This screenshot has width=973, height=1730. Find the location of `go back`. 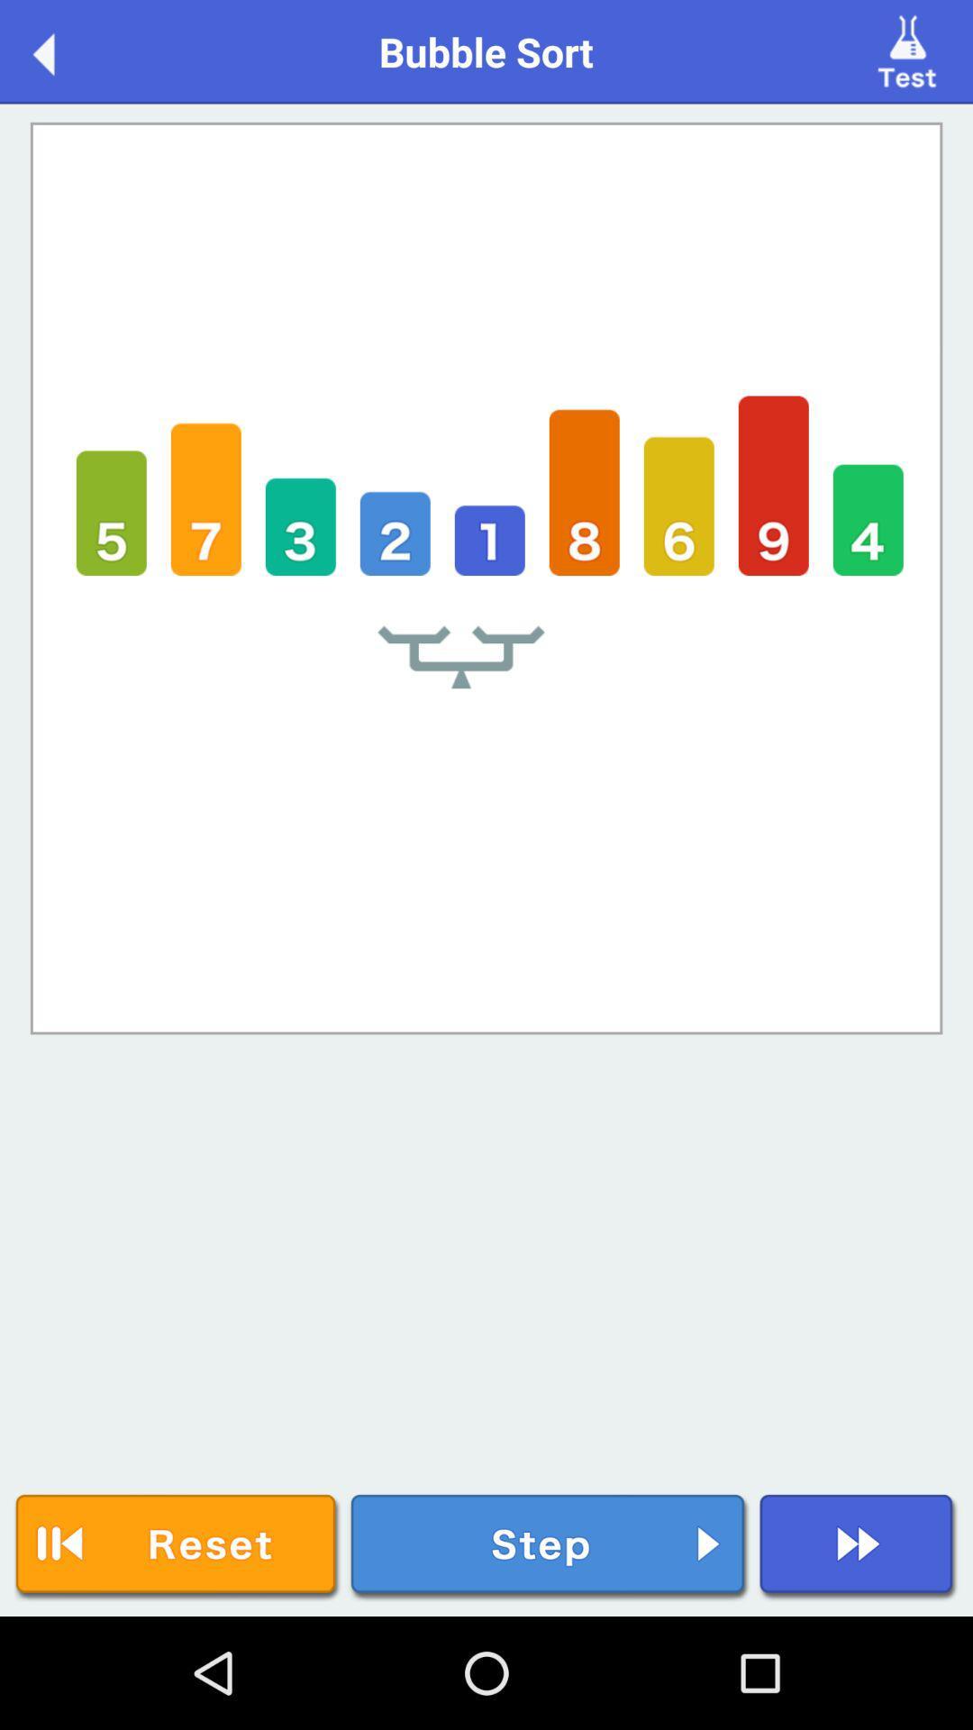

go back is located at coordinates (61, 50).